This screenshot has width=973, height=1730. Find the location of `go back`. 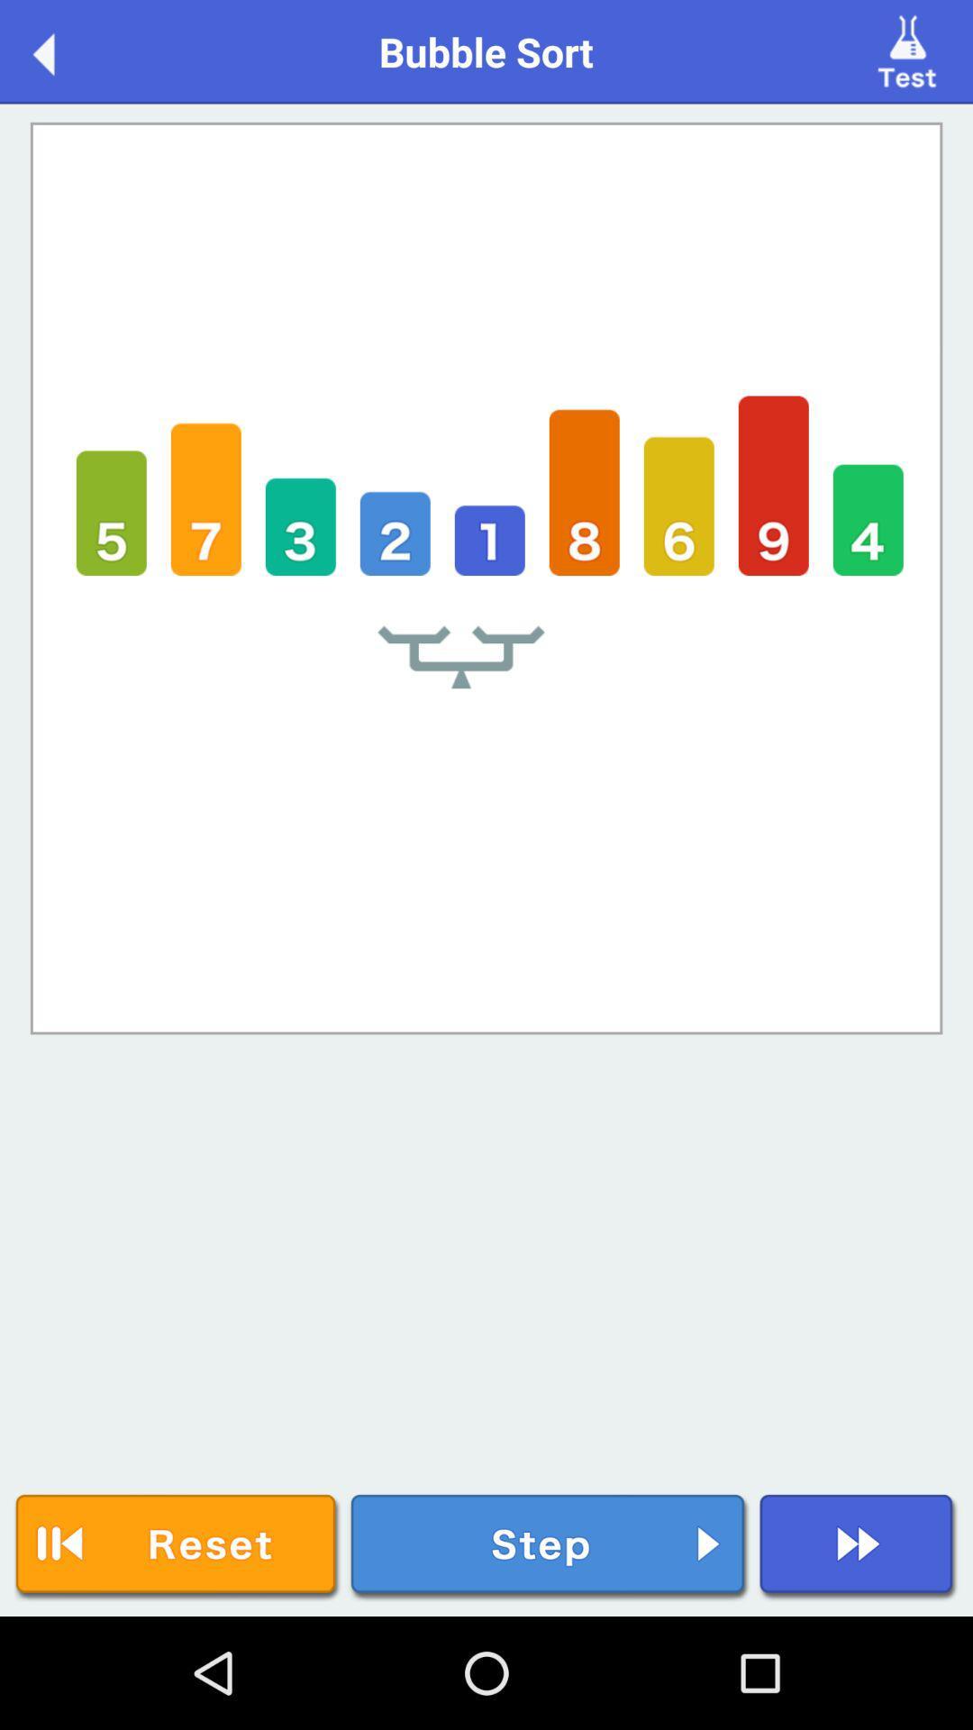

go back is located at coordinates (61, 50).